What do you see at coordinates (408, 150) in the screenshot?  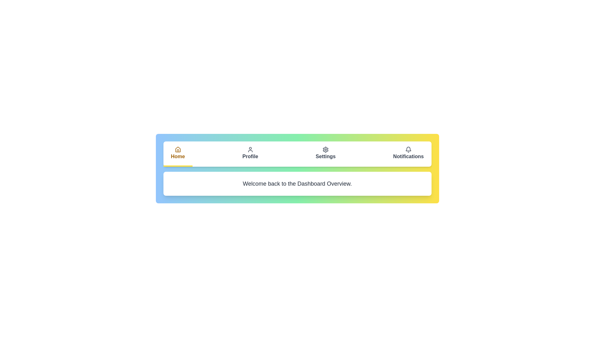 I see `the bell icon for notifications, which is located at the rightmost position of the top navigation bar, above the text label 'Notifications'` at bounding box center [408, 150].